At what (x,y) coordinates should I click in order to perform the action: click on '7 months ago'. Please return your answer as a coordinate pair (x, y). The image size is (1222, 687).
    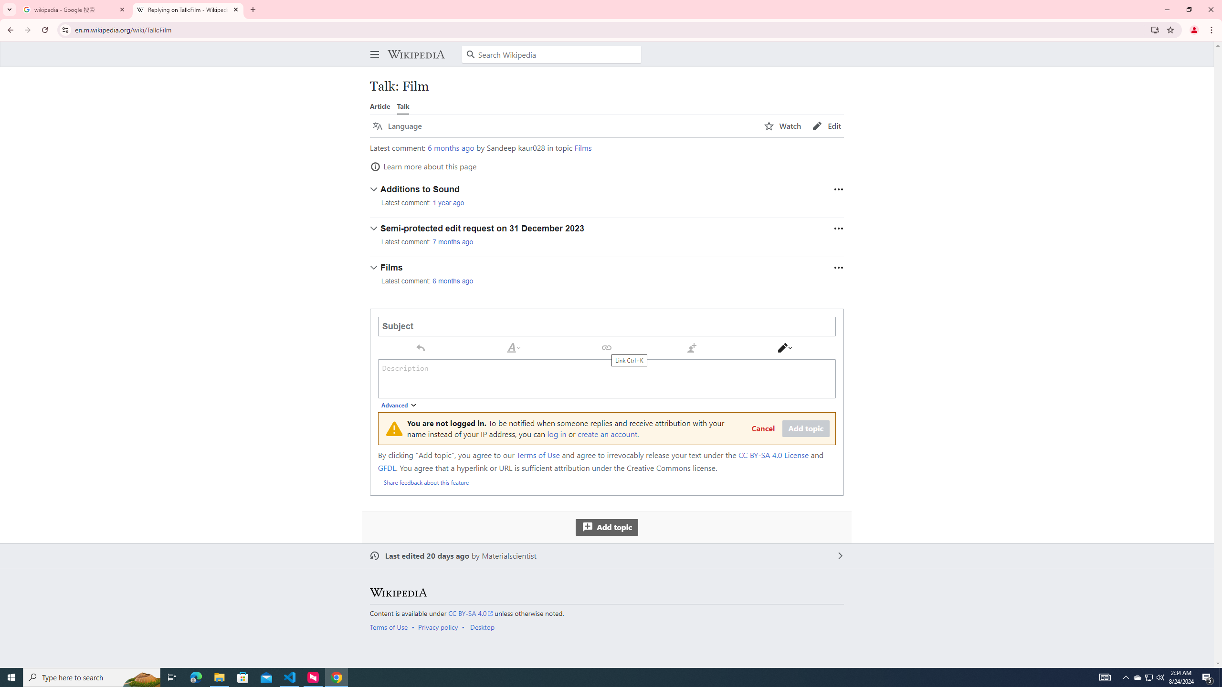
    Looking at the image, I should click on (453, 241).